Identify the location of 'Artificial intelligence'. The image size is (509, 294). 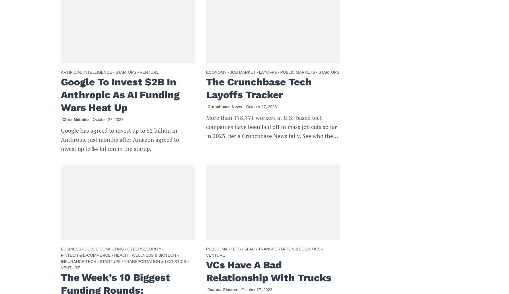
(86, 71).